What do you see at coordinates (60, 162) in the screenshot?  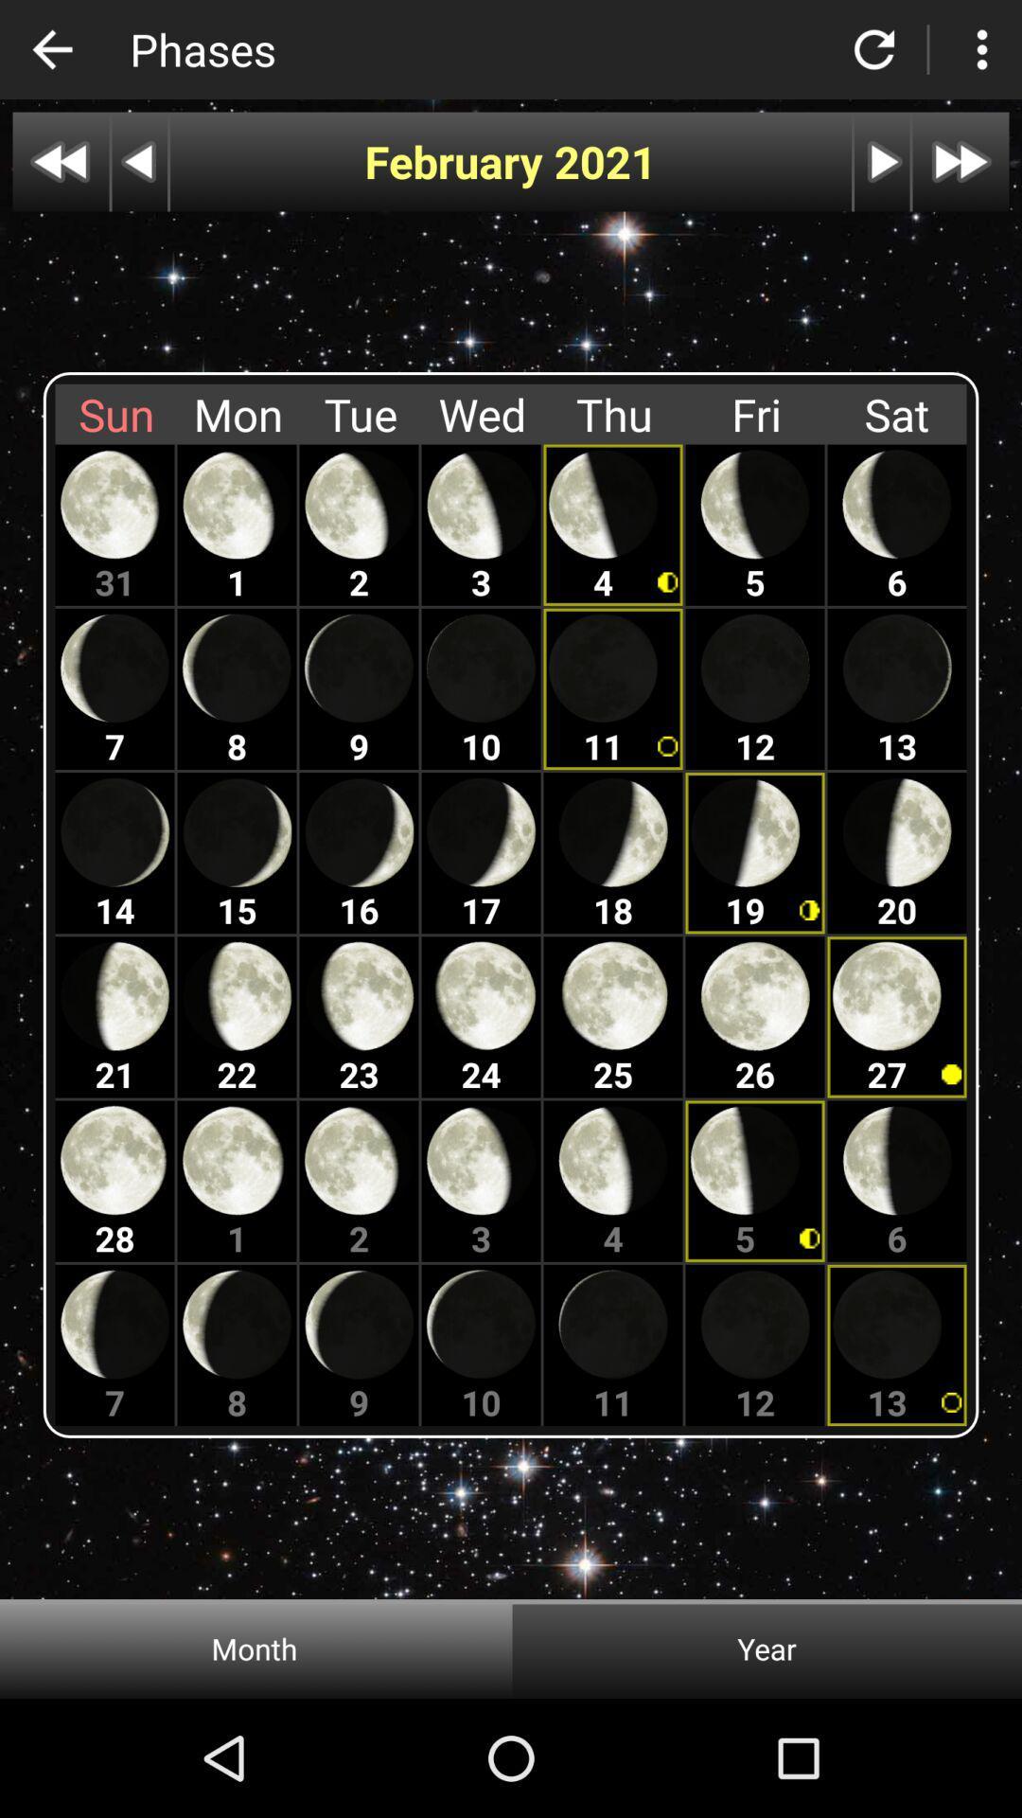 I see `the av_rewind icon` at bounding box center [60, 162].